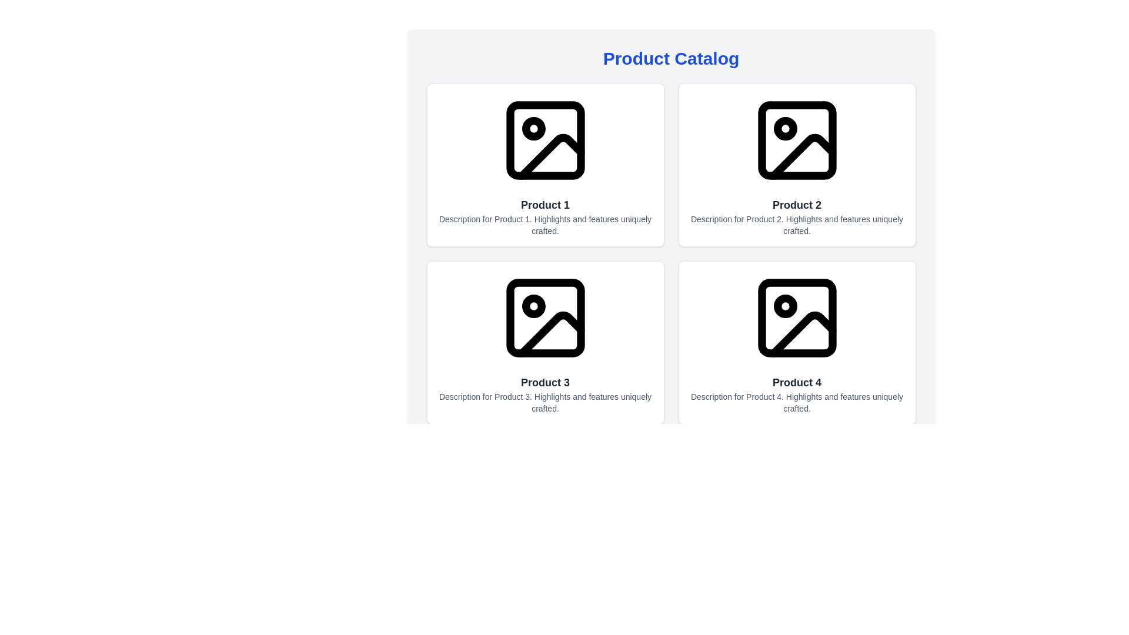  What do you see at coordinates (797, 140) in the screenshot?
I see `the small black rectangular element with rounded corners located at the top-left corner of the 'Product 2' icon` at bounding box center [797, 140].